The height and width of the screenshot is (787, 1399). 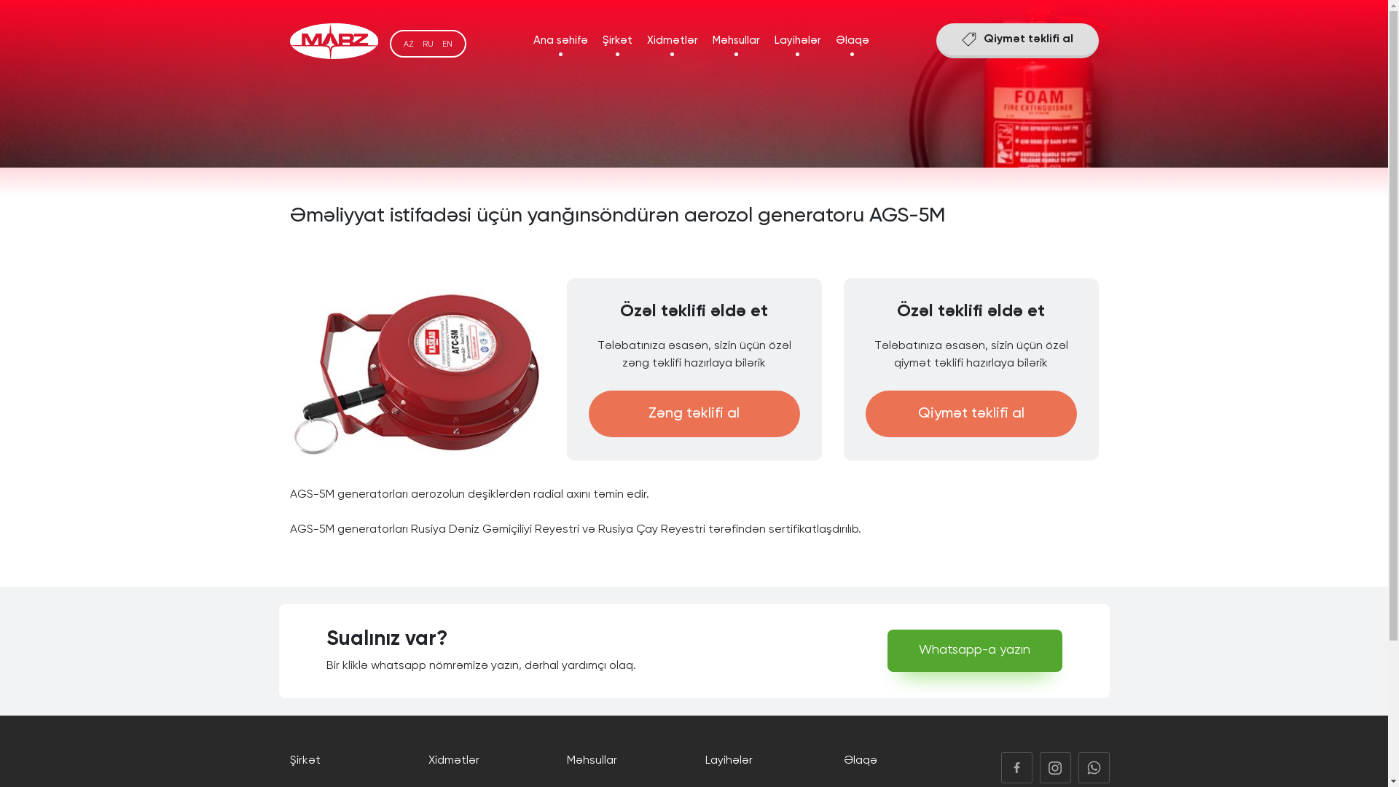 What do you see at coordinates (446, 43) in the screenshot?
I see `'EN'` at bounding box center [446, 43].